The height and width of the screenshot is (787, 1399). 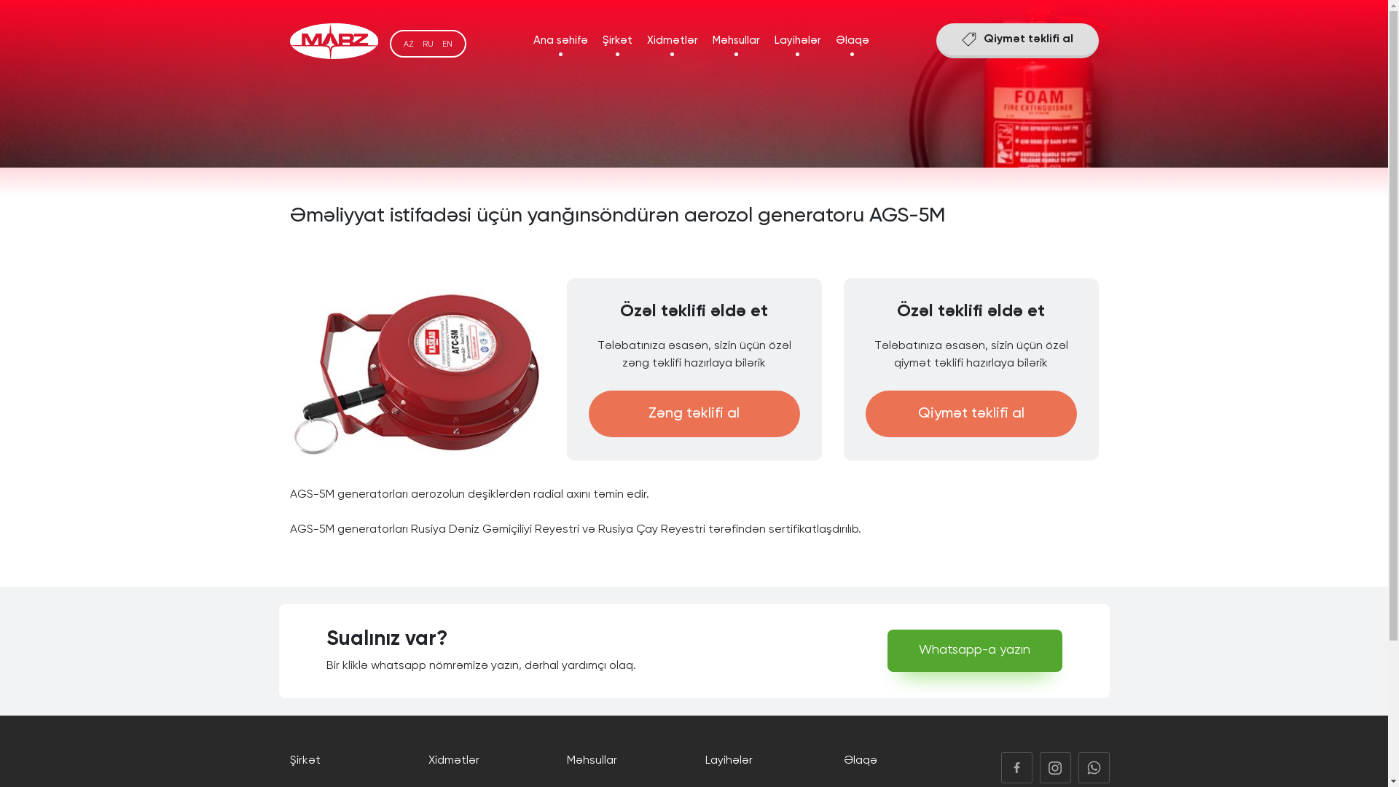 What do you see at coordinates (446, 43) in the screenshot?
I see `'EN'` at bounding box center [446, 43].